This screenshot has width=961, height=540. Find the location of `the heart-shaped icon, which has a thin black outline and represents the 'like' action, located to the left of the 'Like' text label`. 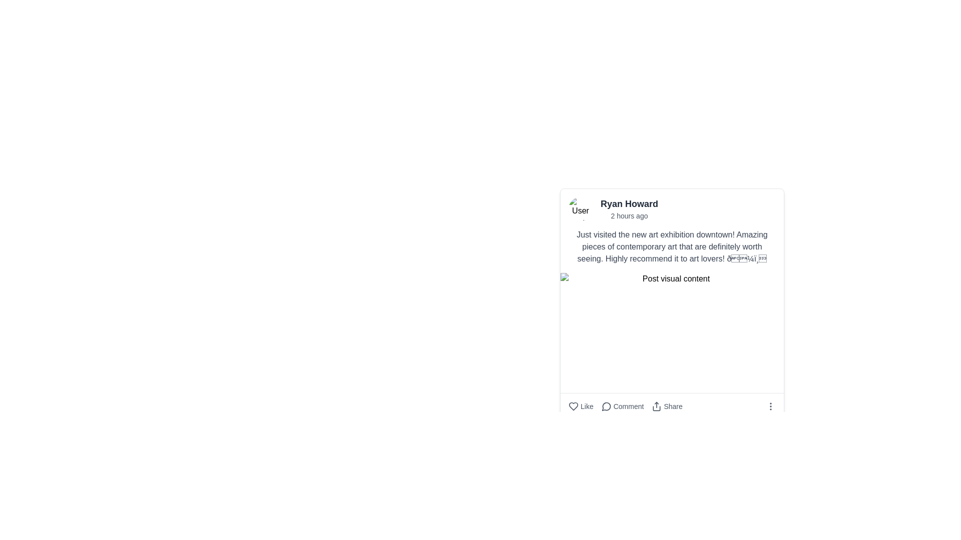

the heart-shaped icon, which has a thin black outline and represents the 'like' action, located to the left of the 'Like' text label is located at coordinates (574, 406).